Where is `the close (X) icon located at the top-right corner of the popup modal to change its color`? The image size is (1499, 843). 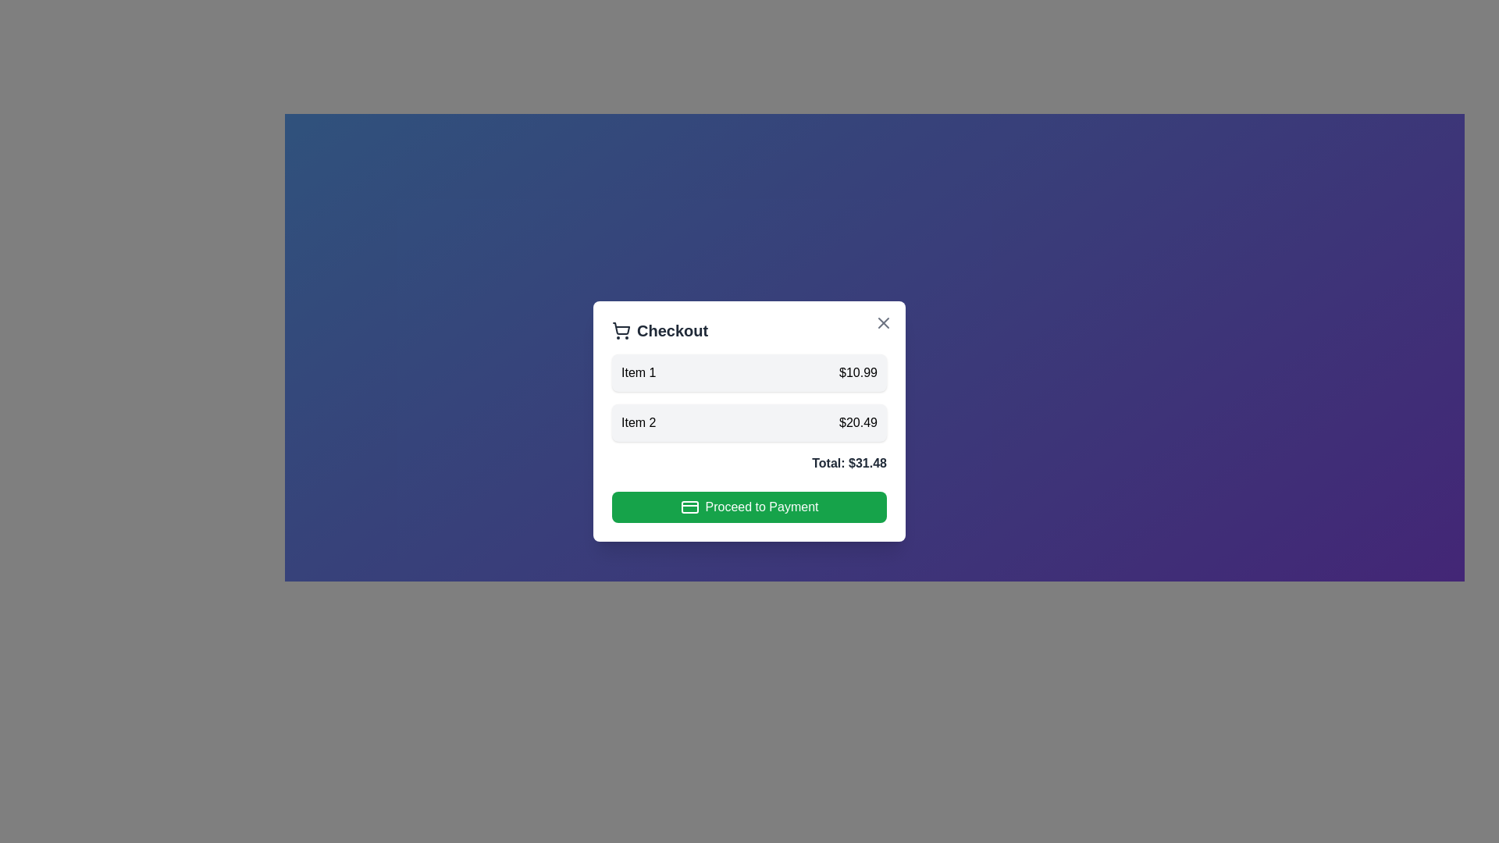 the close (X) icon located at the top-right corner of the popup modal to change its color is located at coordinates (884, 322).